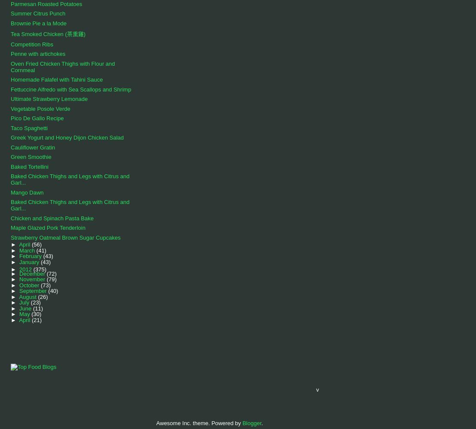  I want to click on 'Pico De Gallo Recipe', so click(37, 118).